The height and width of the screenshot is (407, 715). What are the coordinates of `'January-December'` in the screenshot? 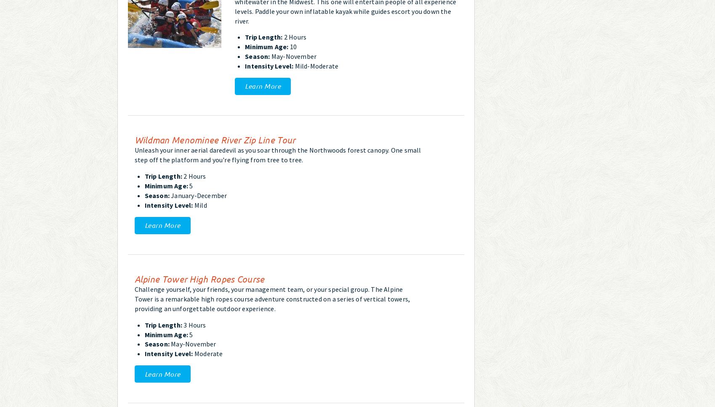 It's located at (198, 194).